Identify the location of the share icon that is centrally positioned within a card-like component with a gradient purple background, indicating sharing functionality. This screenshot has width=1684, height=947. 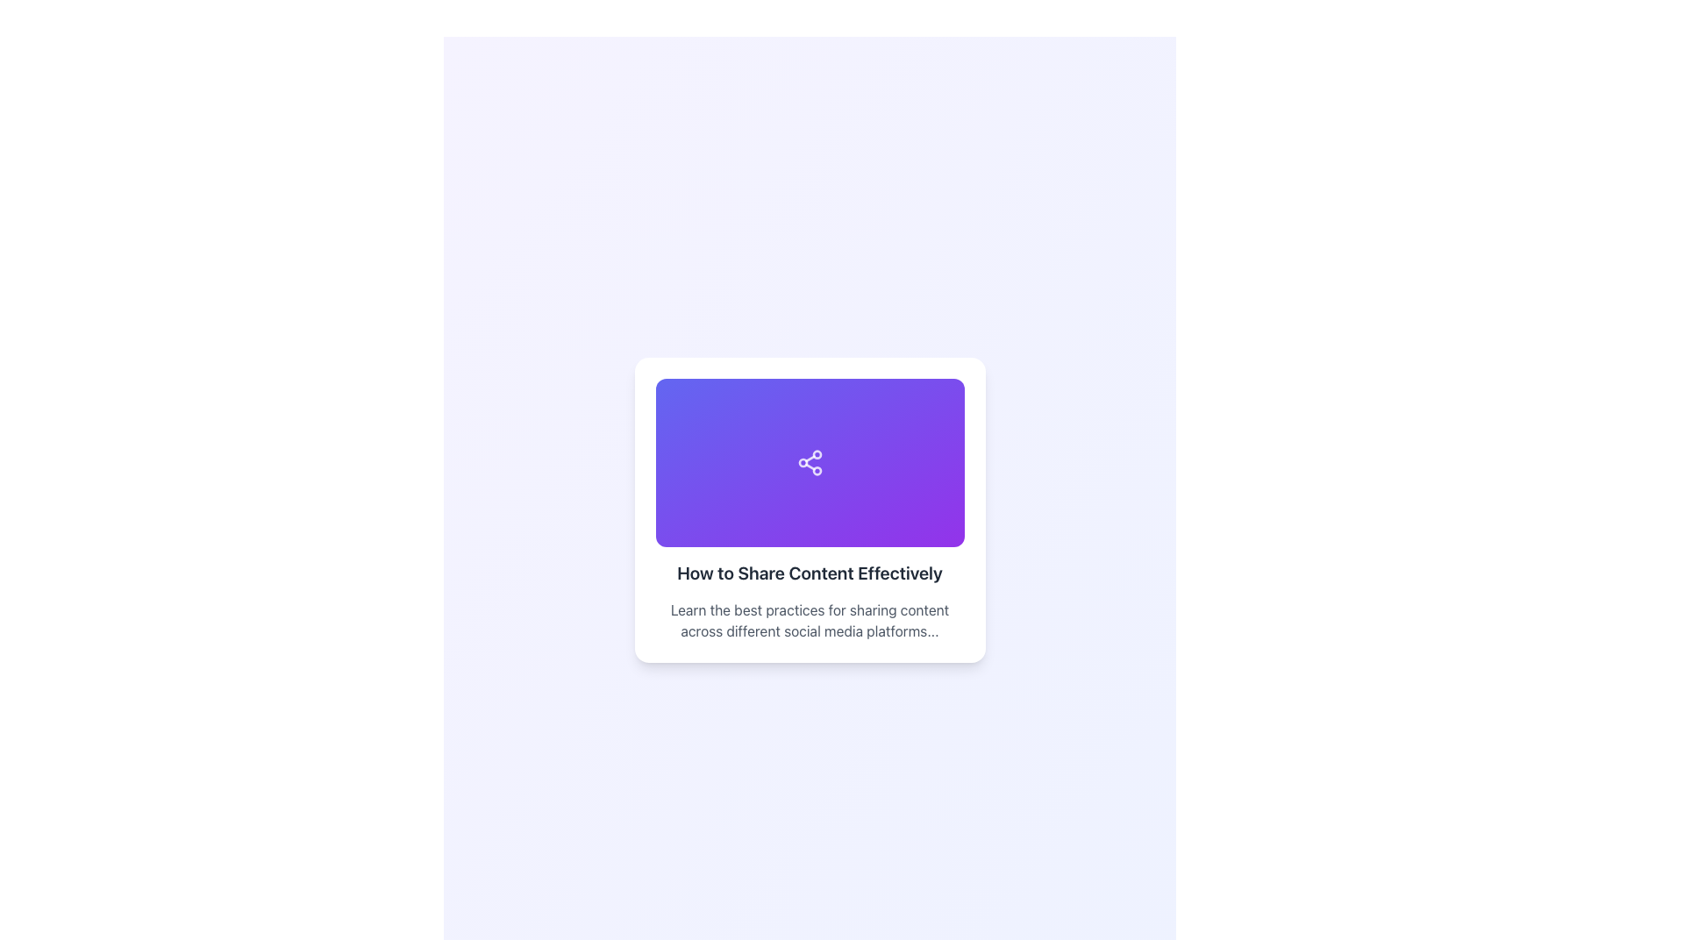
(809, 462).